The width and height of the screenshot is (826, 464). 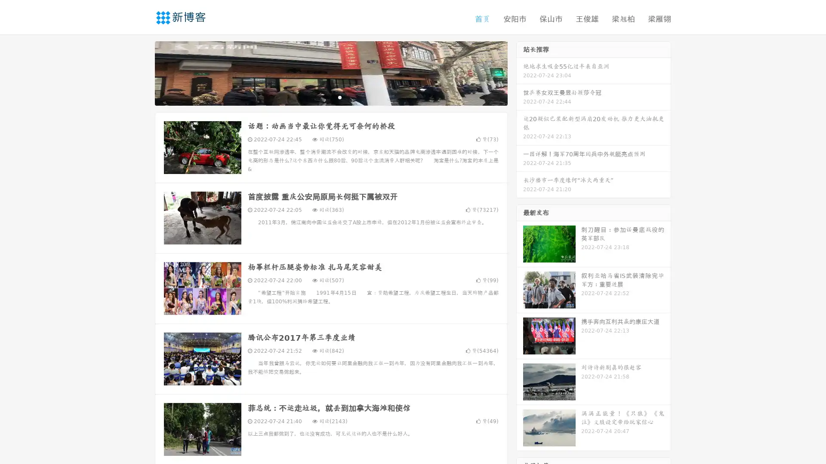 What do you see at coordinates (330, 97) in the screenshot?
I see `Go to slide 2` at bounding box center [330, 97].